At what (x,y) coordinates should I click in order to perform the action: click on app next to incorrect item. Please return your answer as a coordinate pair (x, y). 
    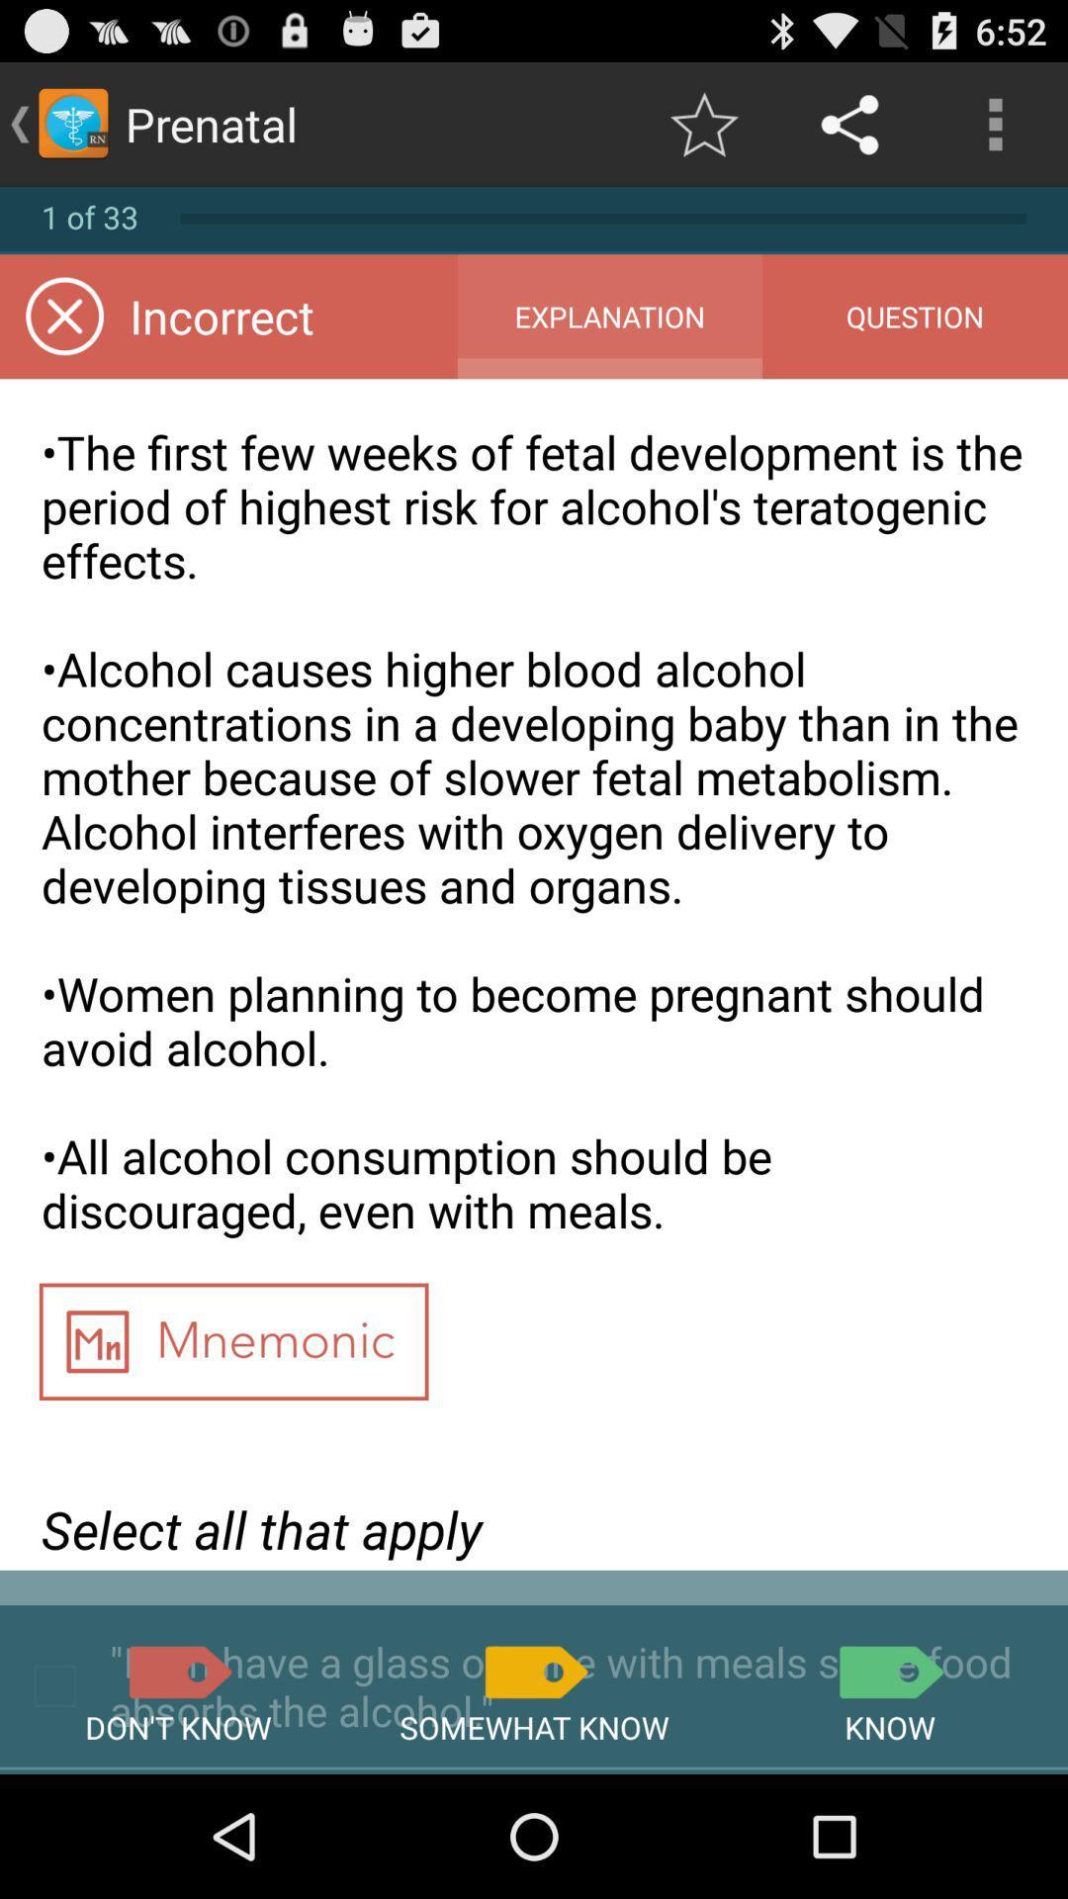
    Looking at the image, I should click on (608, 316).